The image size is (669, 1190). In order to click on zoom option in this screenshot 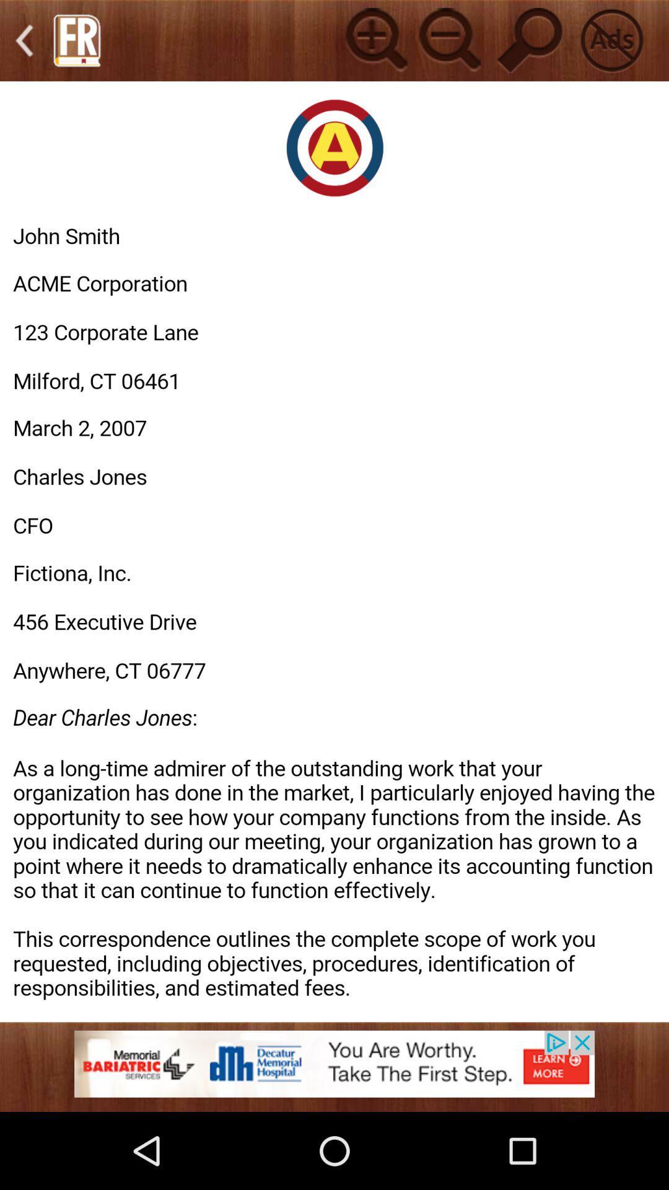, I will do `click(374, 40)`.